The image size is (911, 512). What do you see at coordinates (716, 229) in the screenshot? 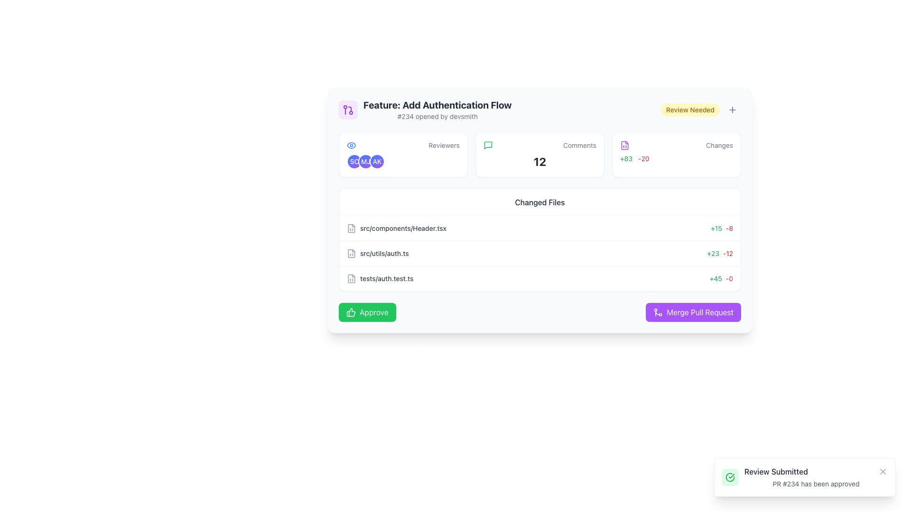
I see `the text display showing '+15' in green, which indicates a positive value in the 'Changes' section of file changes` at bounding box center [716, 229].